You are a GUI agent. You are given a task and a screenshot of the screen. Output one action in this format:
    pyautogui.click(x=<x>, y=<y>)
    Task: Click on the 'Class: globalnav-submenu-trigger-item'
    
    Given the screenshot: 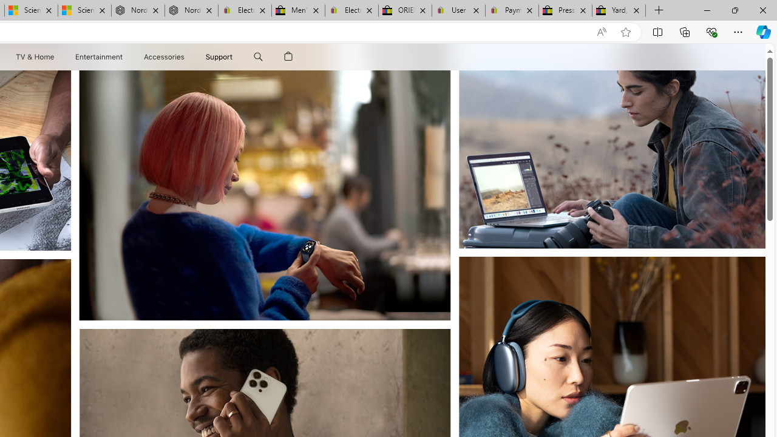 What is the action you would take?
    pyautogui.click(x=235, y=56)
    